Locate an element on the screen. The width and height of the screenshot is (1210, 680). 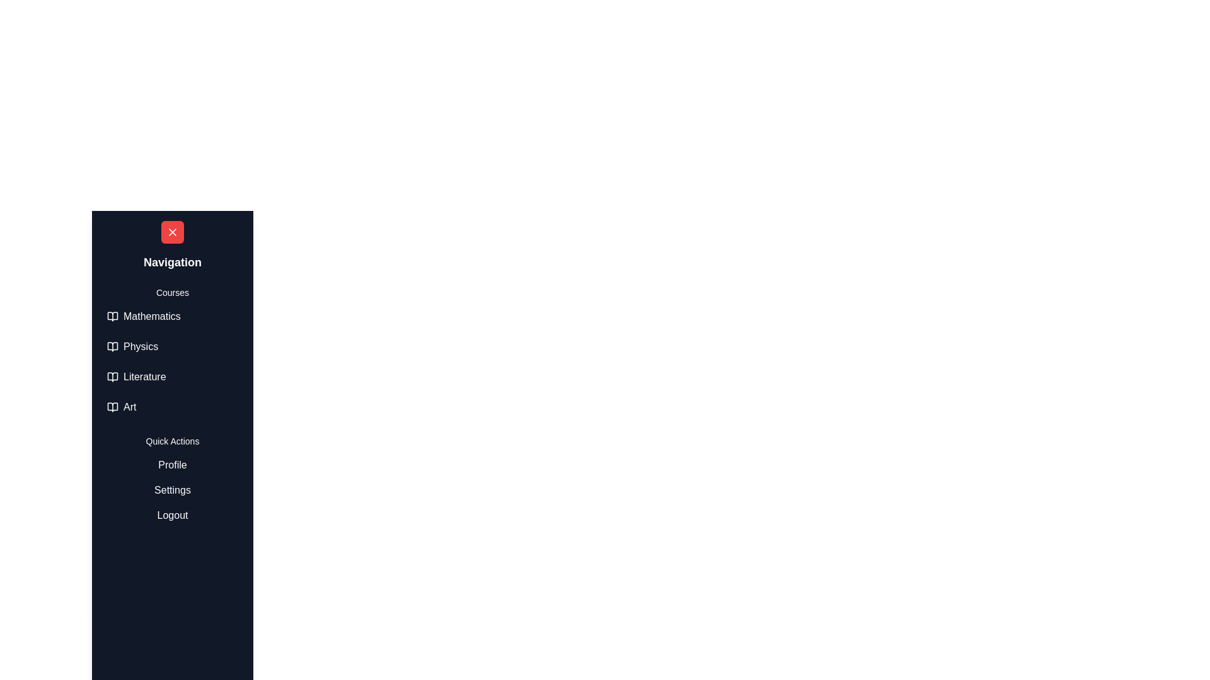
the 'Settings' button, which is styled as a text label with light text on a dark background, located under the 'Quick Actions' section in the sidebar menu is located at coordinates (171, 490).